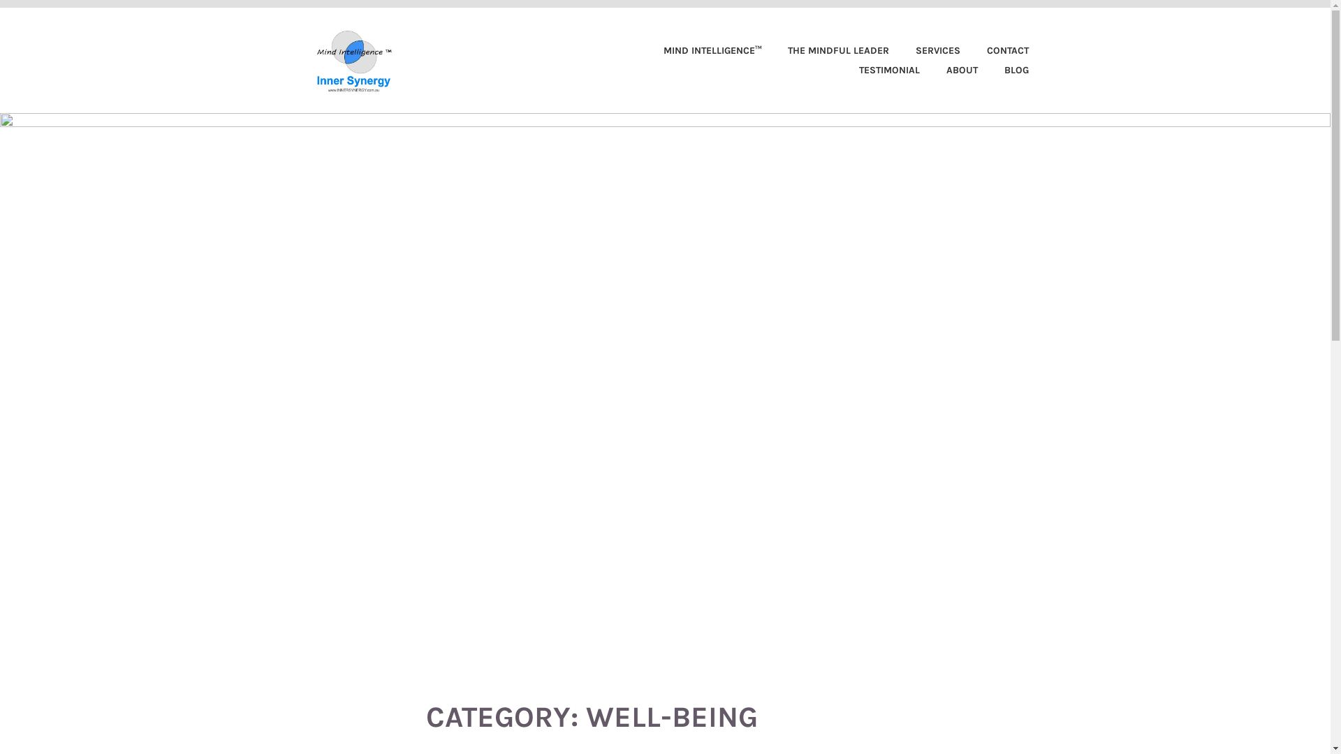 The image size is (1341, 754). Describe the element at coordinates (995, 50) in the screenshot. I see `'CONTACT'` at that location.